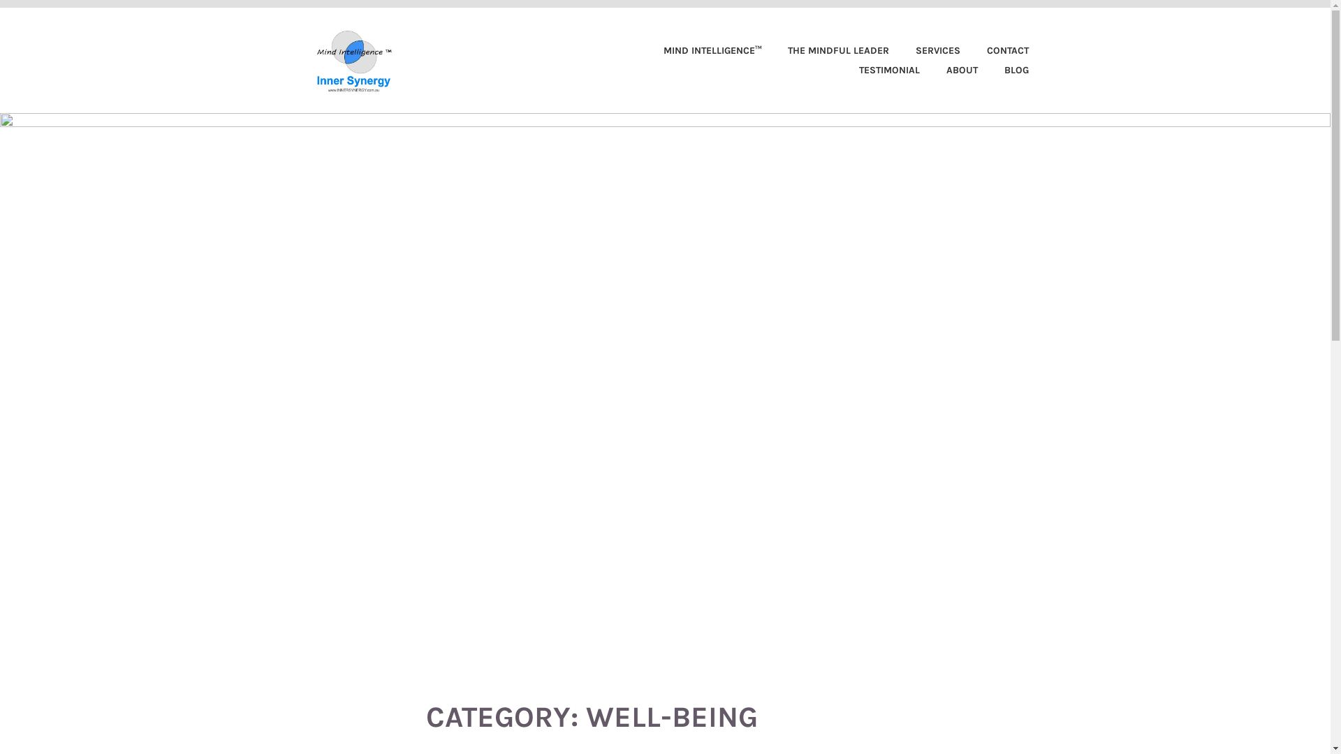 The image size is (1341, 754). Describe the element at coordinates (995, 50) in the screenshot. I see `'CONTACT'` at that location.